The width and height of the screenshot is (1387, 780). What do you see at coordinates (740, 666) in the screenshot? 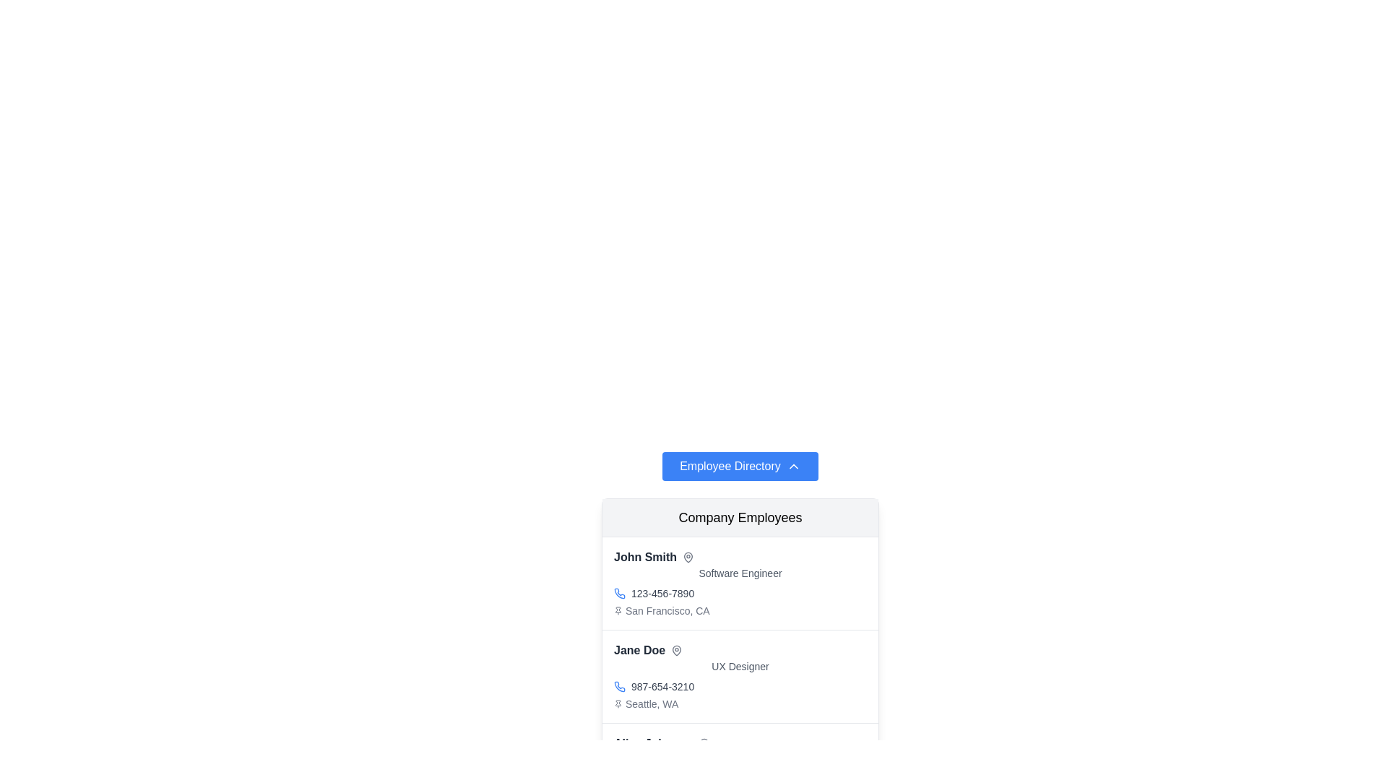
I see `the text label displaying 'UX Designer' that is located below the name 'Jane Doe' and above the contact information in the profile card` at bounding box center [740, 666].